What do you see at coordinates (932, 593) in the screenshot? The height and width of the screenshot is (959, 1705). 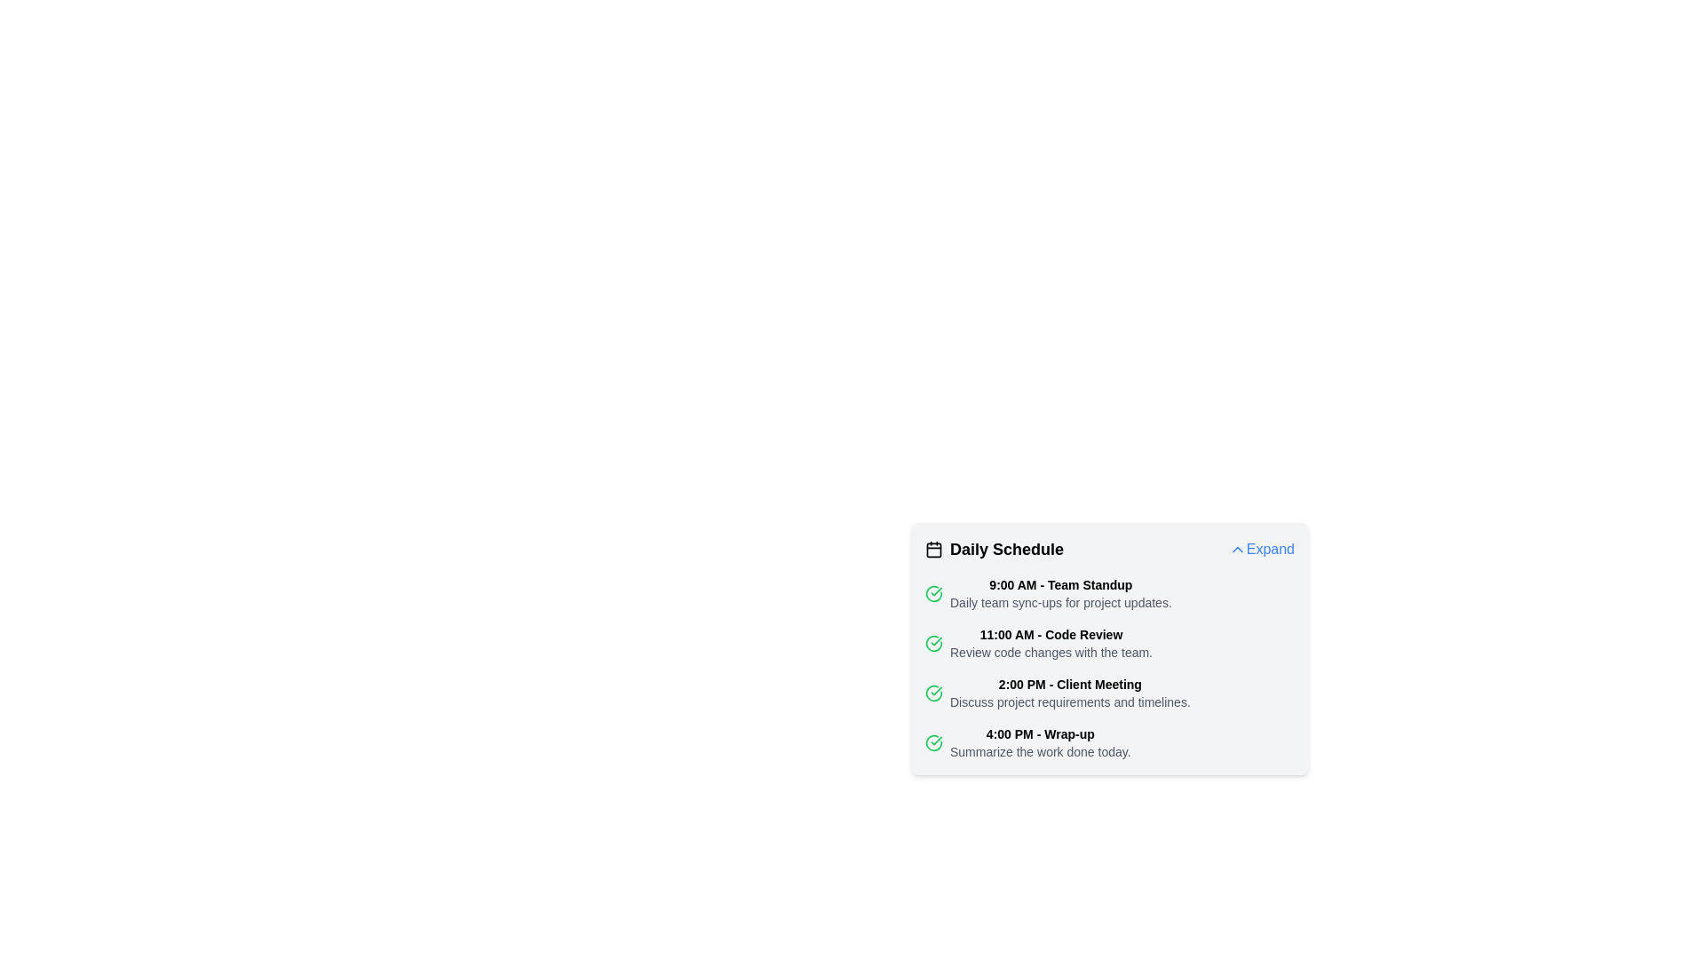 I see `the icon indicating the completion or active status of the task for the entry titled '9:00 AM - Team Standup', located at the far left of the entry` at bounding box center [932, 593].